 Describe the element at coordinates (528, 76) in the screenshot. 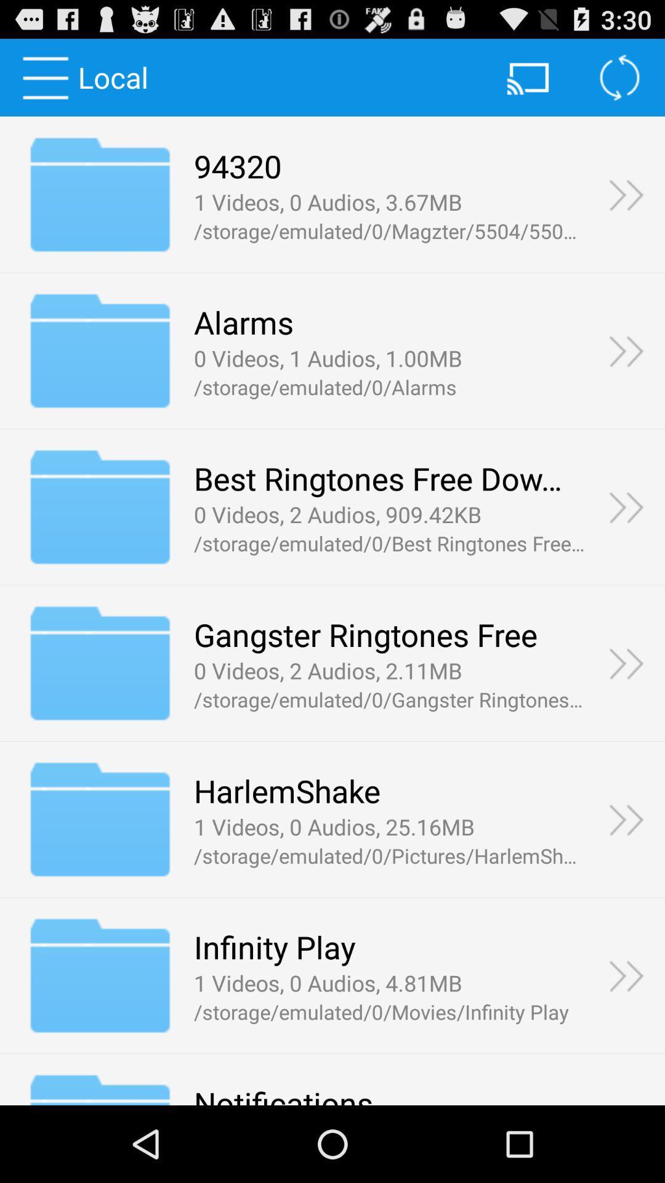

I see `the icon beside refresh button` at that location.